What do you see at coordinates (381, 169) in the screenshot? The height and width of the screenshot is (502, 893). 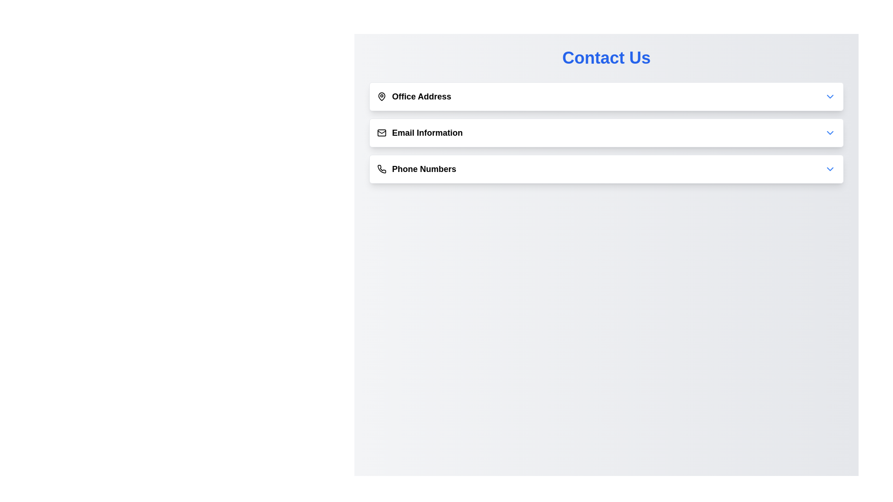 I see `the phone-related icon located adjacent to the 'Phone Numbers' label in the contact options section` at bounding box center [381, 169].